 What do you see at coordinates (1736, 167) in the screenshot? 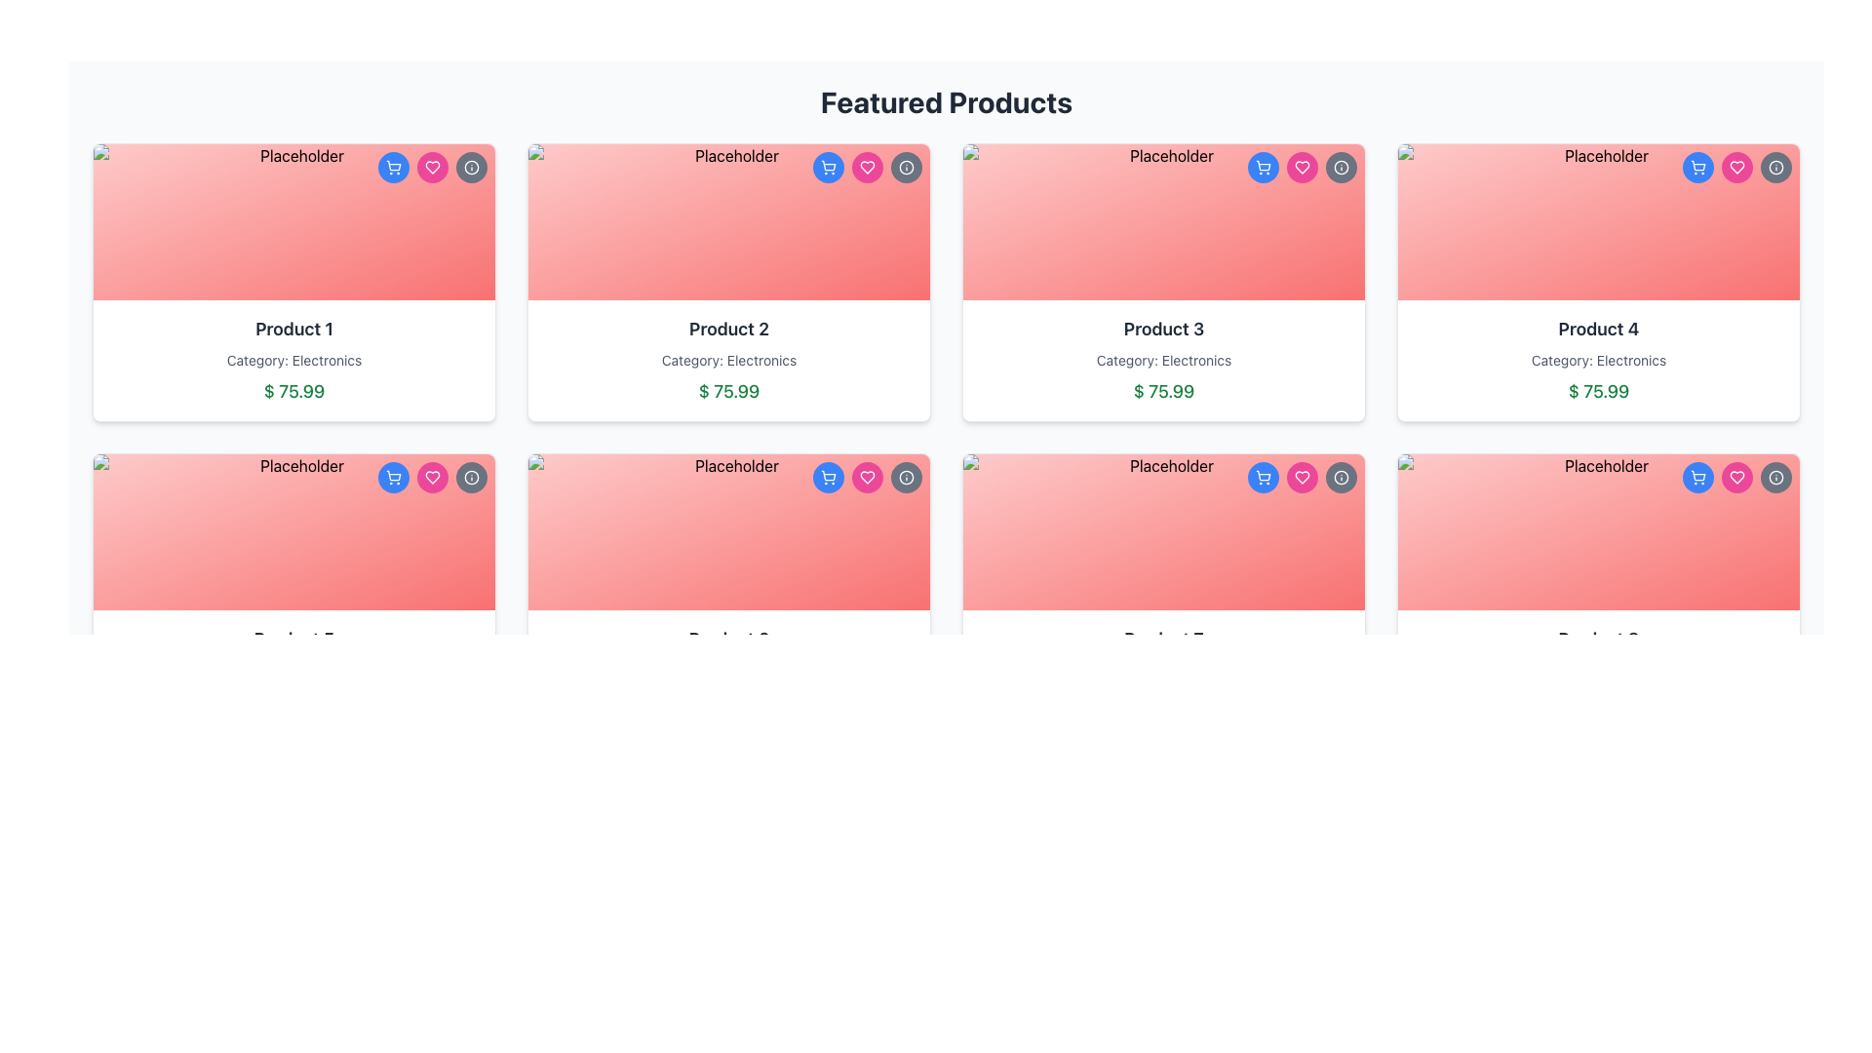
I see `the middle circular button in the top-right corner of the card displaying 'Product 4'` at bounding box center [1736, 167].